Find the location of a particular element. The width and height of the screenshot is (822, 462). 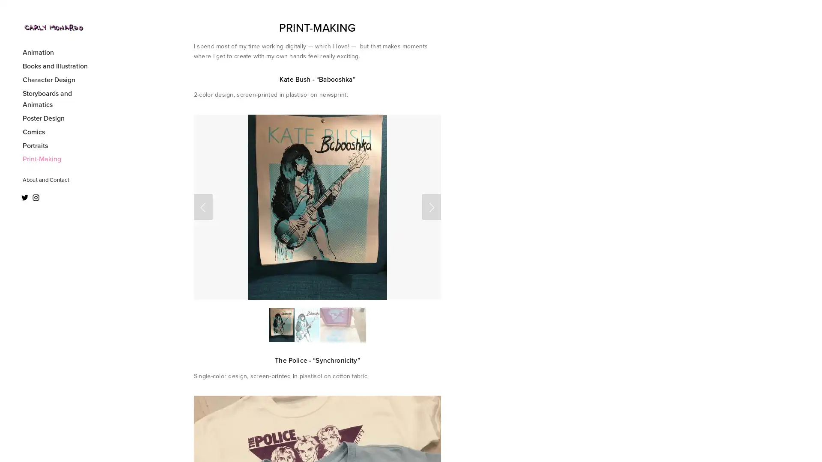

Next Slide is located at coordinates (432, 207).